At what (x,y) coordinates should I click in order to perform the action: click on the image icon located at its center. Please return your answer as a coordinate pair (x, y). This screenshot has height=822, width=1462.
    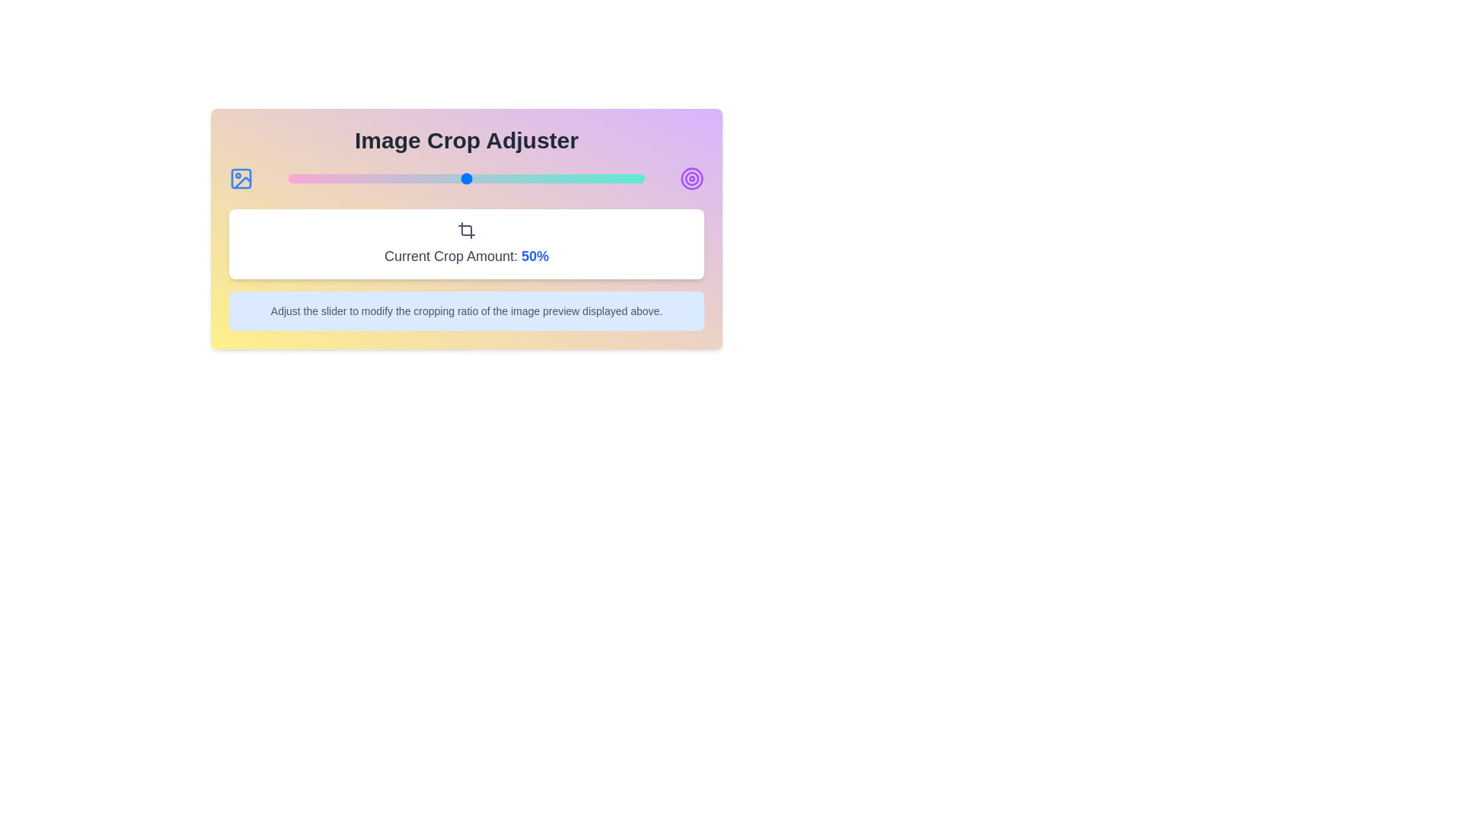
    Looking at the image, I should click on (240, 178).